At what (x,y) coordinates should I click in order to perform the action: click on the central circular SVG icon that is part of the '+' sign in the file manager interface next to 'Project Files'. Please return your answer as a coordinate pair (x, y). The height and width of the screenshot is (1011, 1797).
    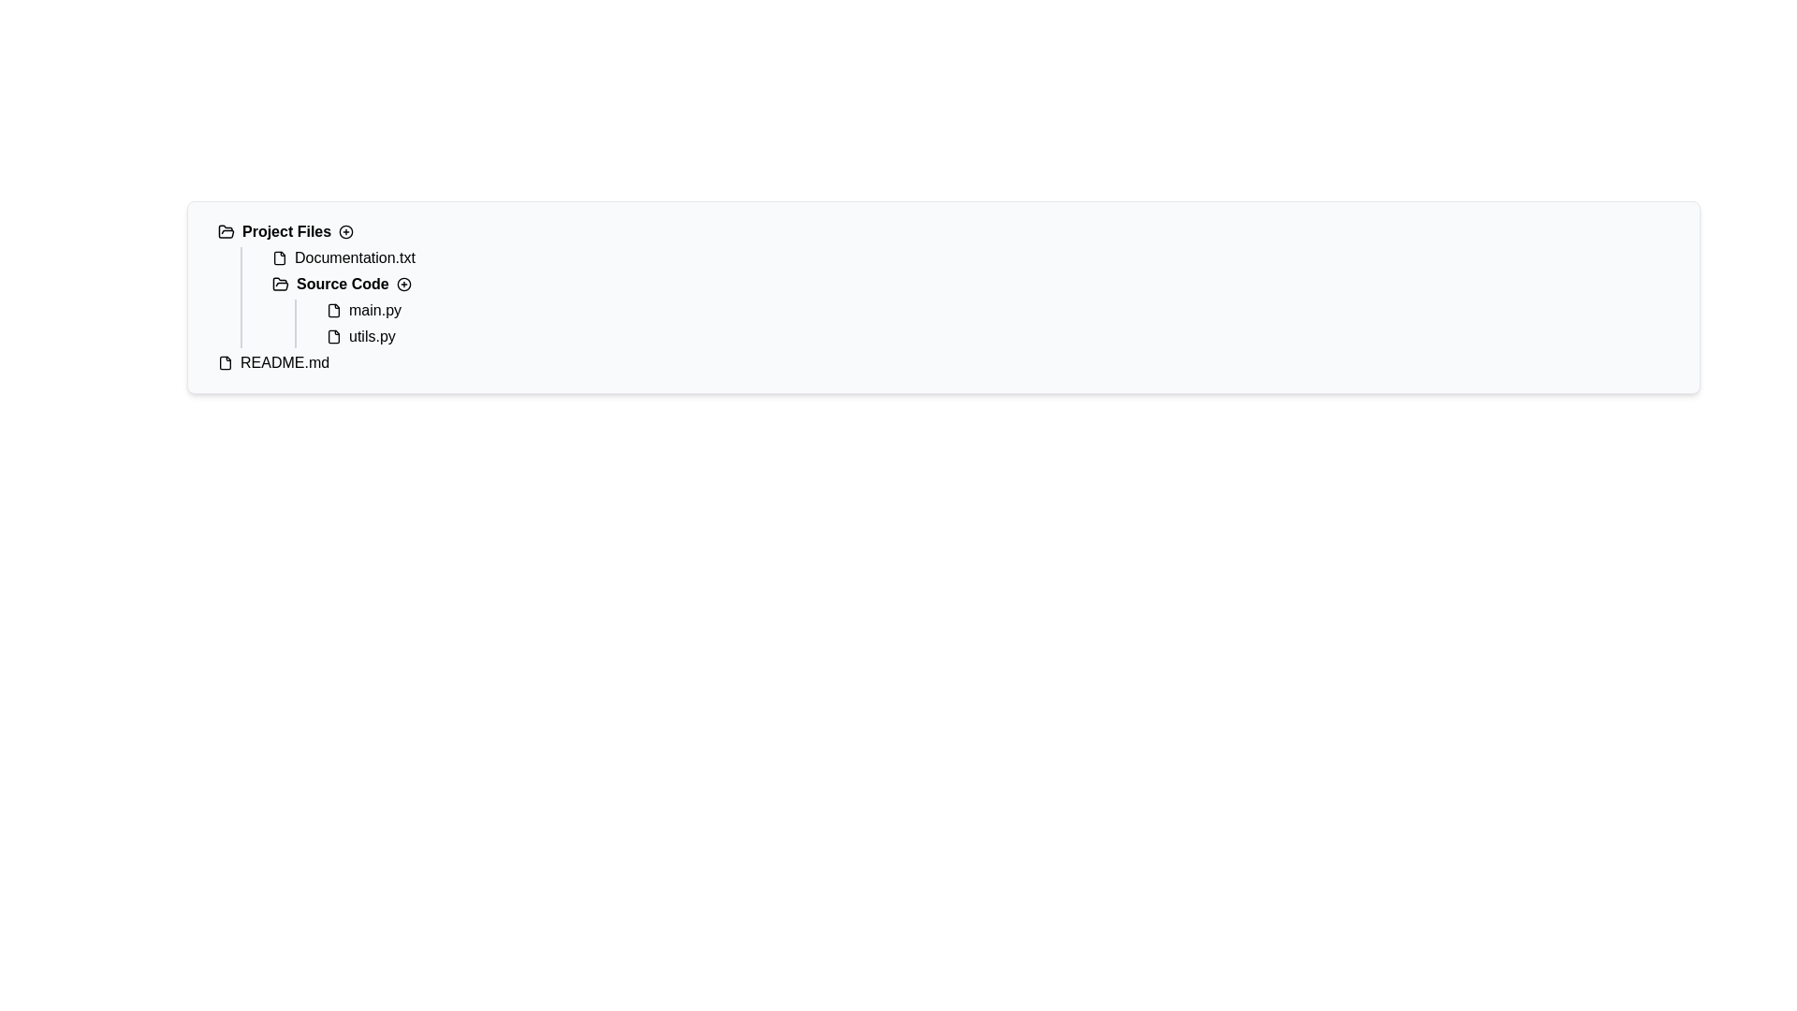
    Looking at the image, I should click on (346, 230).